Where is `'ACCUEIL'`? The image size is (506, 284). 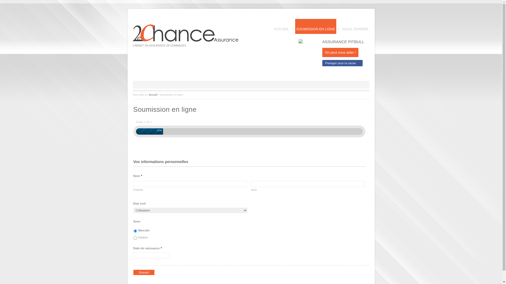
'ACCUEIL' is located at coordinates (281, 26).